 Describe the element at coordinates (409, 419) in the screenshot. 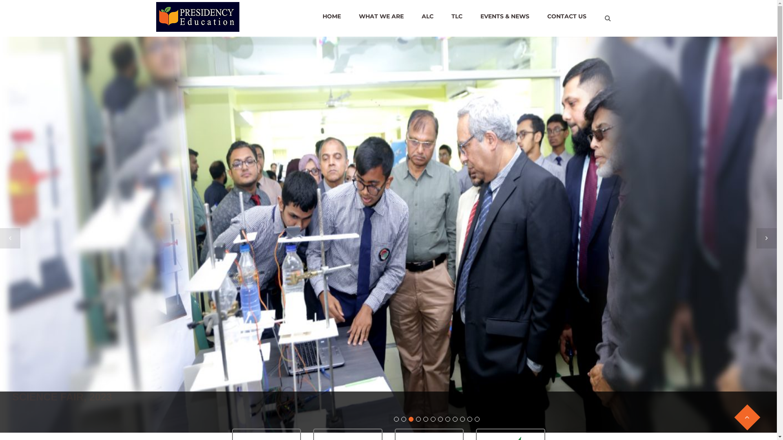

I see `'3'` at that location.